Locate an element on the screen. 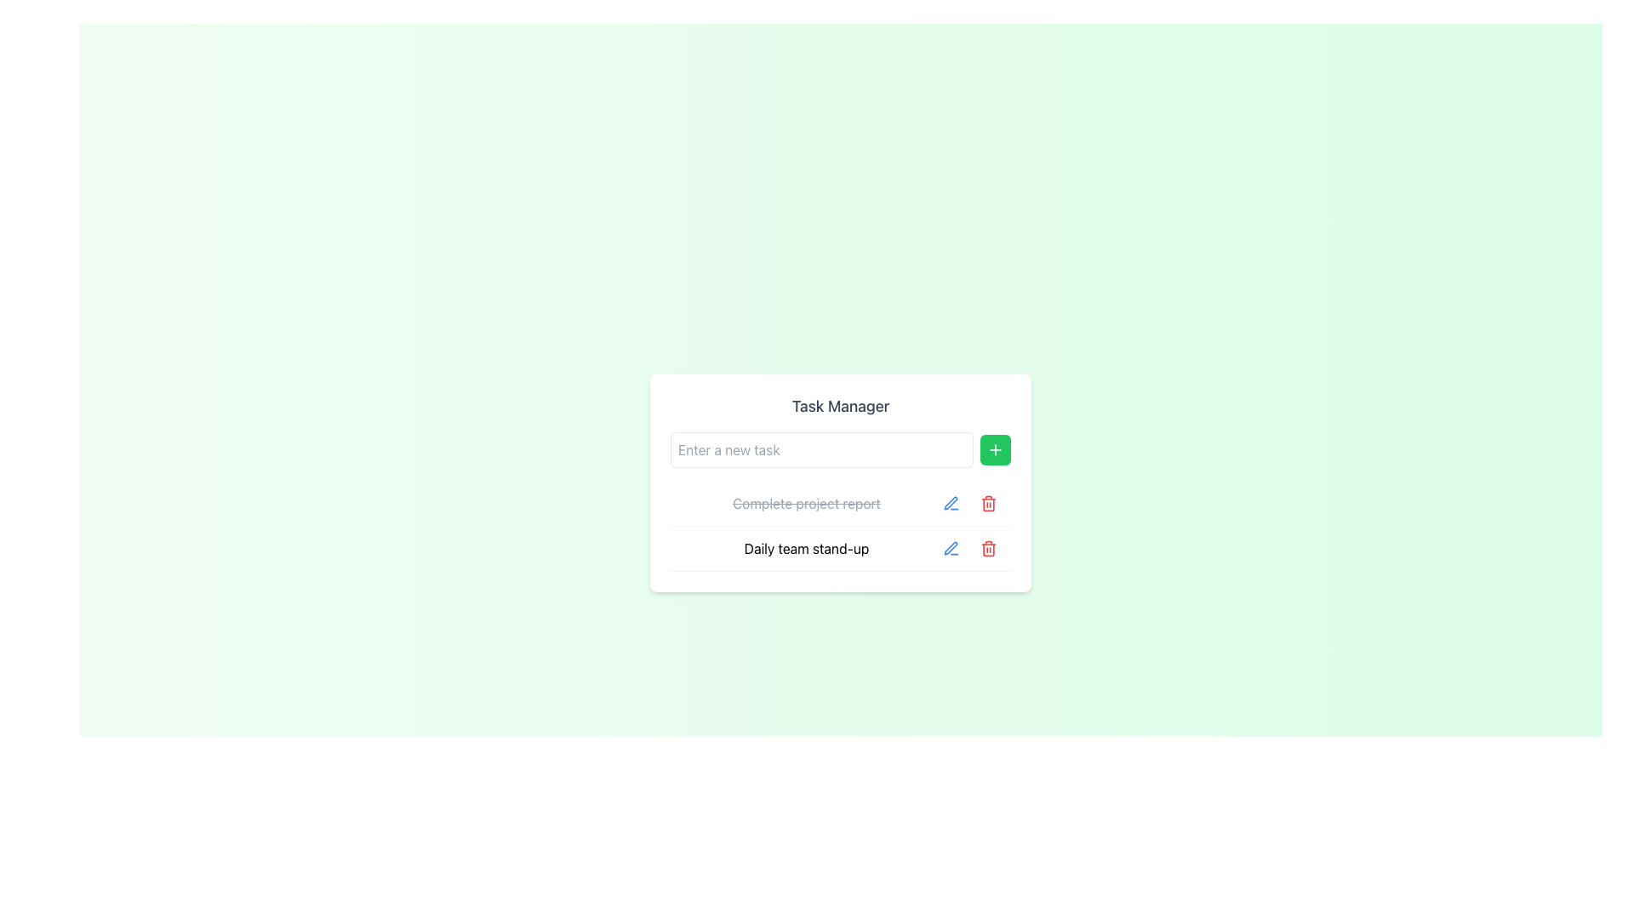  the trash bin icon button, which is outlined in red and located next to the 'Daily team stand-up.' task in the second row of the task list is located at coordinates (988, 548).